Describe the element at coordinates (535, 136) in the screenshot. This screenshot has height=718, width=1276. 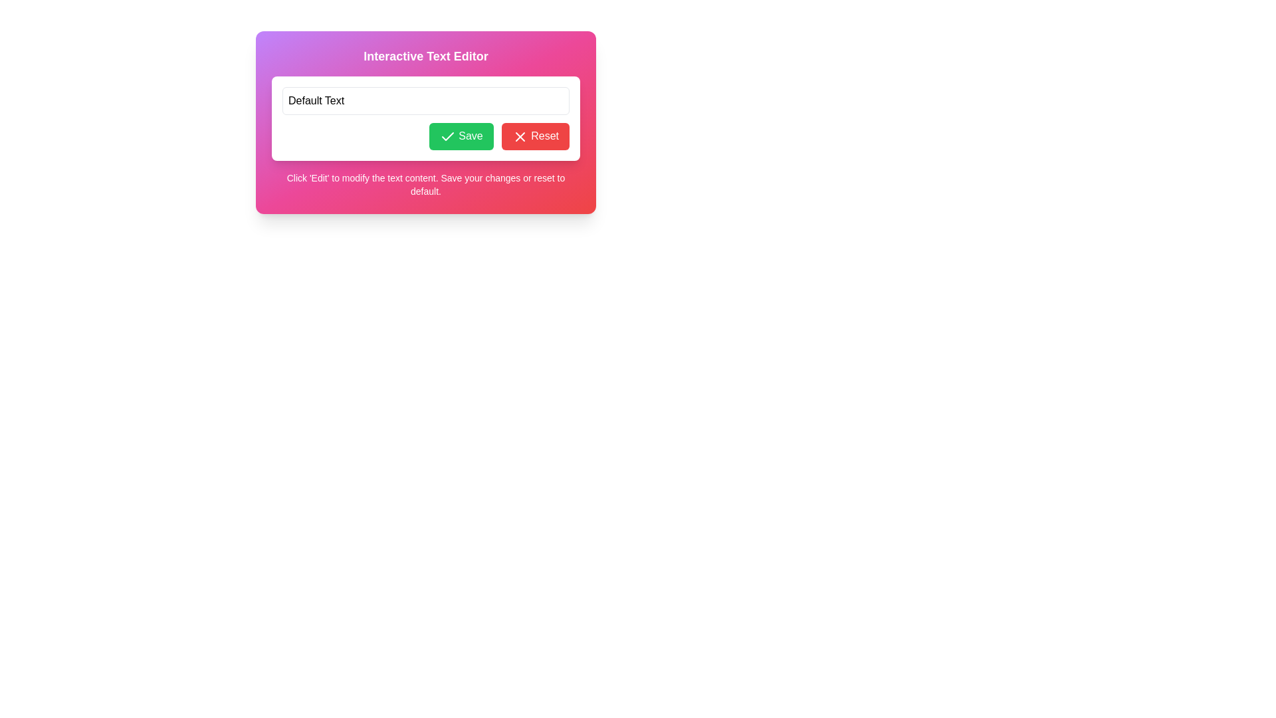
I see `the reset button located in the bottom-right part of the card-like component, next to the green 'Save' button, to reset the input or form to its default state` at that location.